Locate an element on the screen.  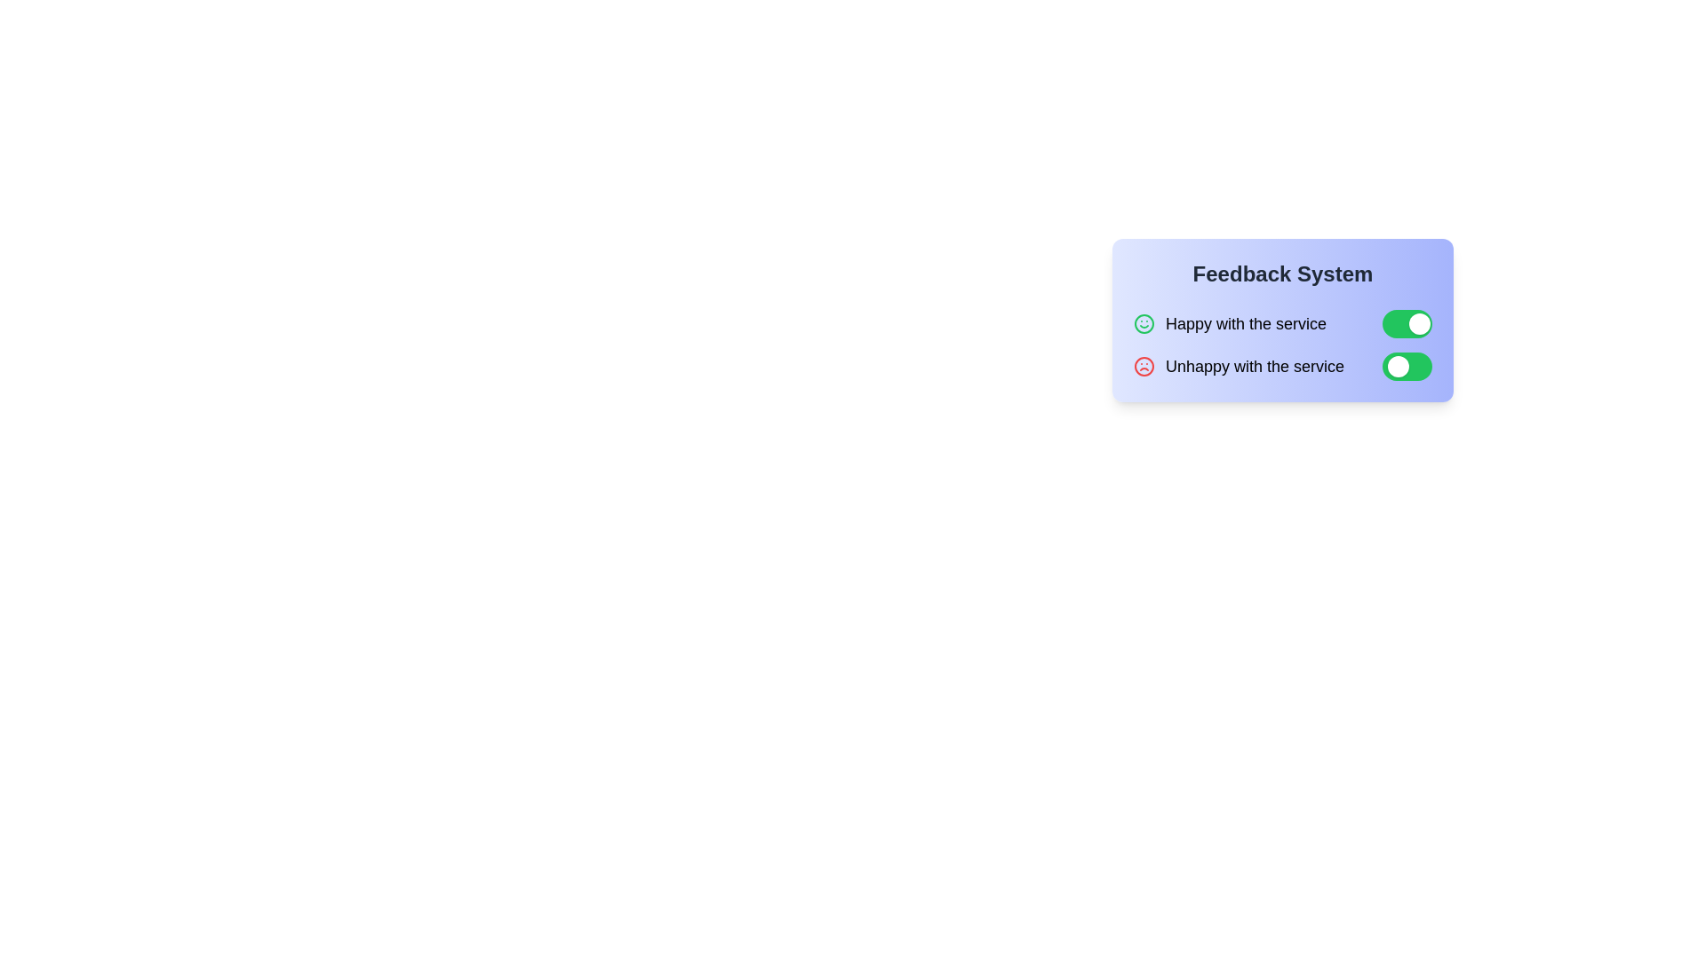
the toggle switch in the user feedback input component indicating dissatisfaction with the service to change its state is located at coordinates (1283, 365).